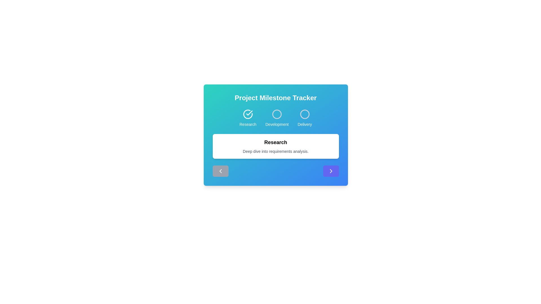 The height and width of the screenshot is (304, 541). I want to click on the static text element titled 'Project Milestone Tracker', which is displayed in bold, large white text on a gradient background, so click(276, 97).